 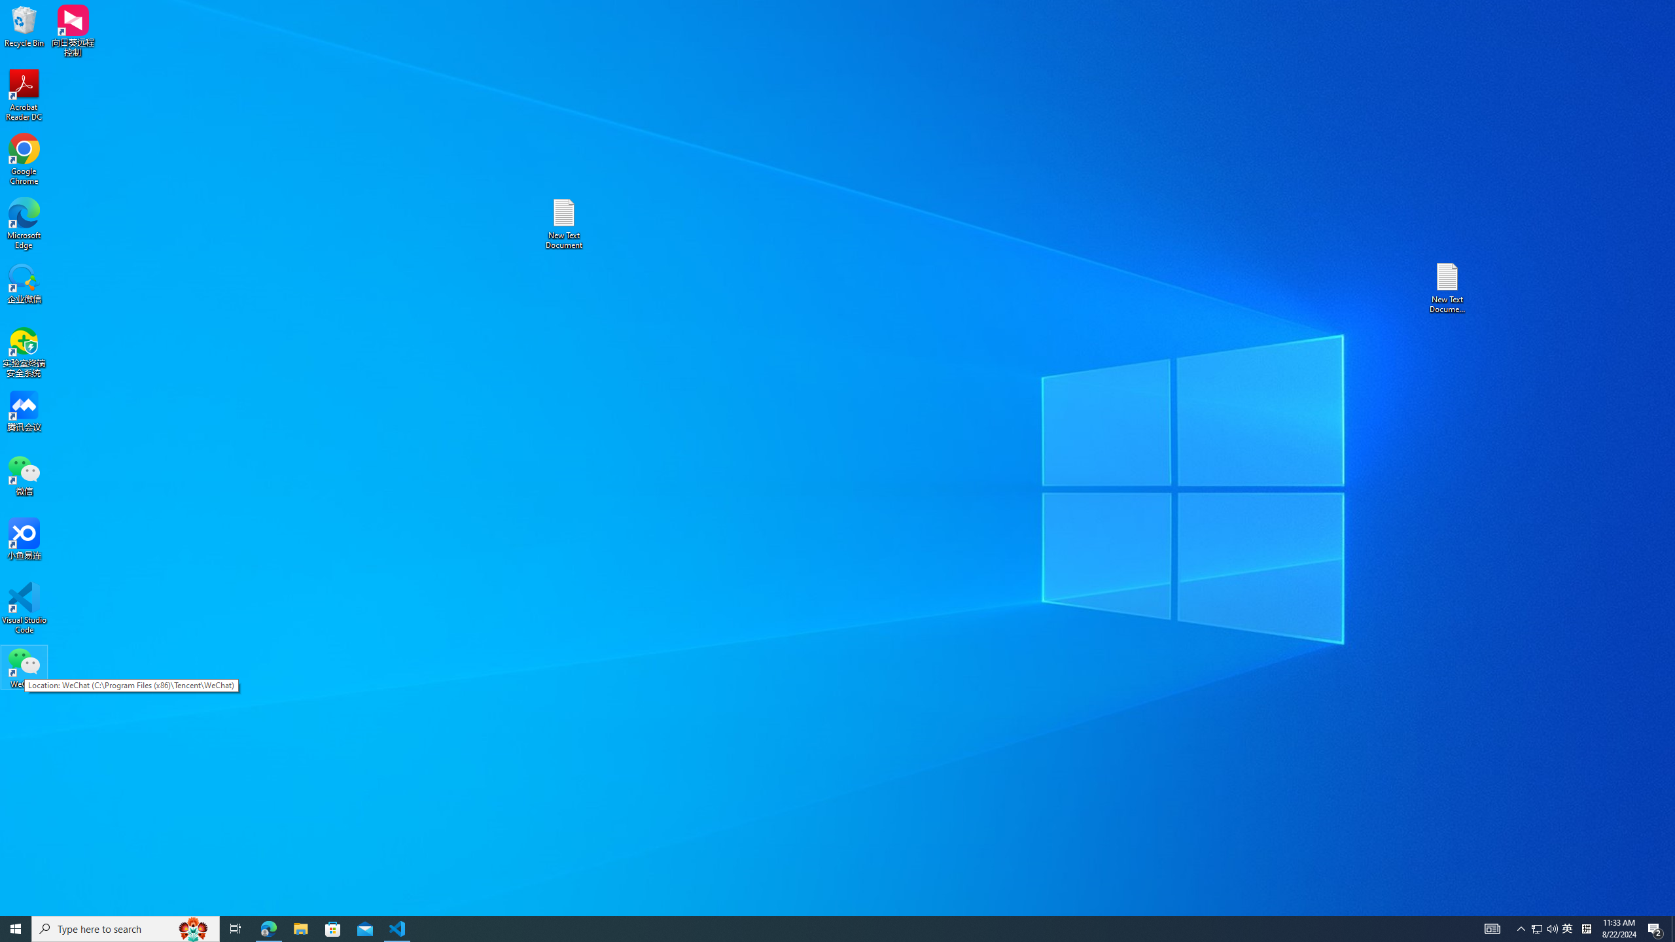 I want to click on 'WeChat', so click(x=24, y=667).